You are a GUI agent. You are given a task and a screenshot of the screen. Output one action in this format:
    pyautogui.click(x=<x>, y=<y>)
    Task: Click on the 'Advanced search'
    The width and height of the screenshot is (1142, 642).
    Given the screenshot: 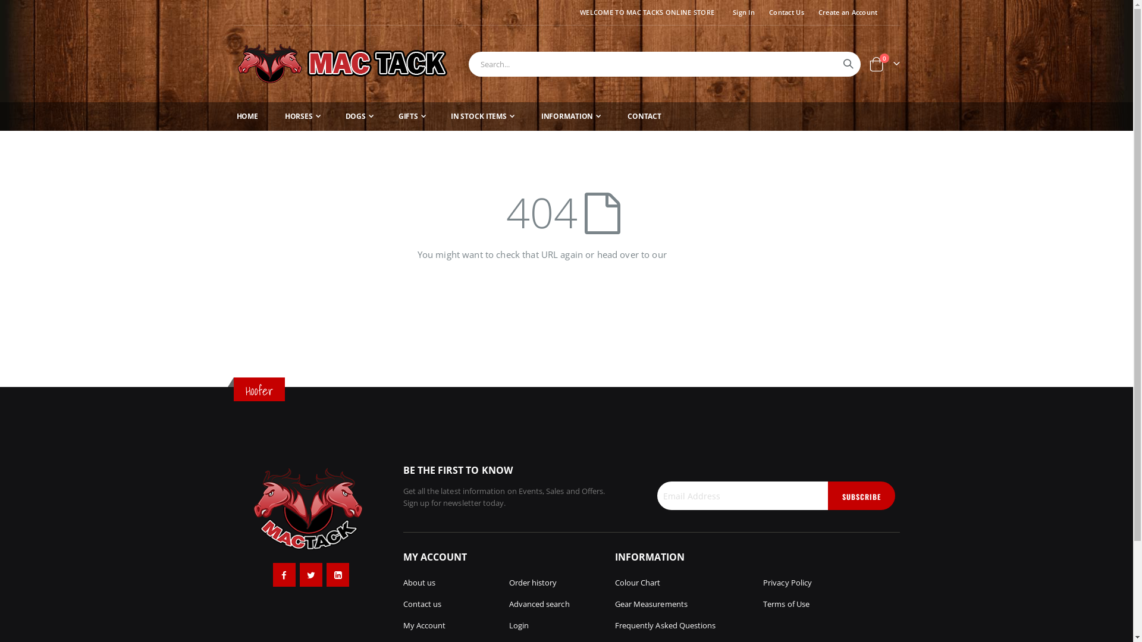 What is the action you would take?
    pyautogui.click(x=539, y=603)
    